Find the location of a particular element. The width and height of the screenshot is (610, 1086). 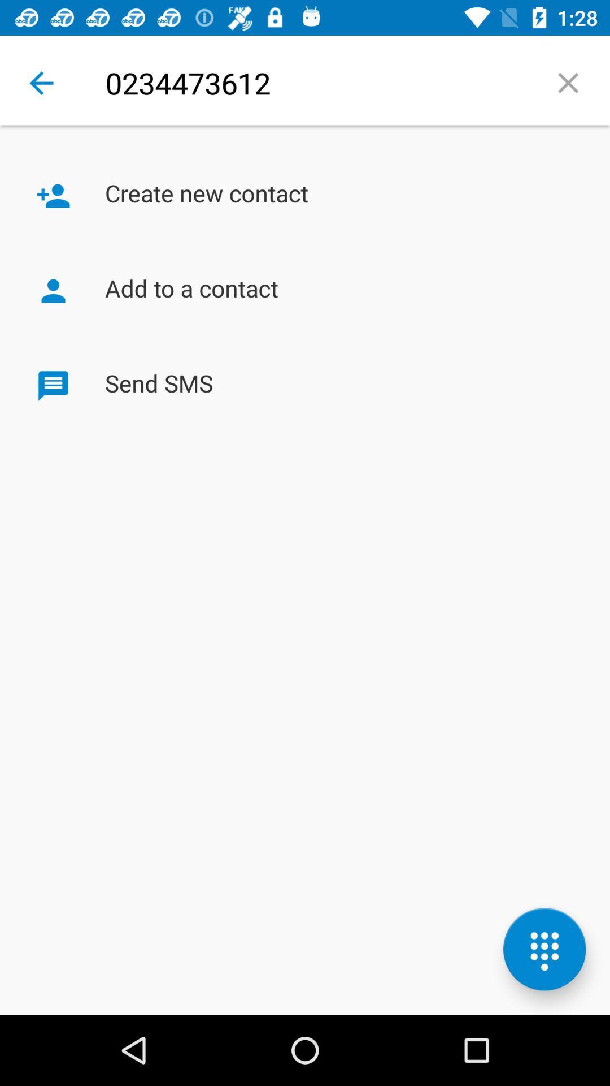

icon beside create new contact is located at coordinates (53, 196).